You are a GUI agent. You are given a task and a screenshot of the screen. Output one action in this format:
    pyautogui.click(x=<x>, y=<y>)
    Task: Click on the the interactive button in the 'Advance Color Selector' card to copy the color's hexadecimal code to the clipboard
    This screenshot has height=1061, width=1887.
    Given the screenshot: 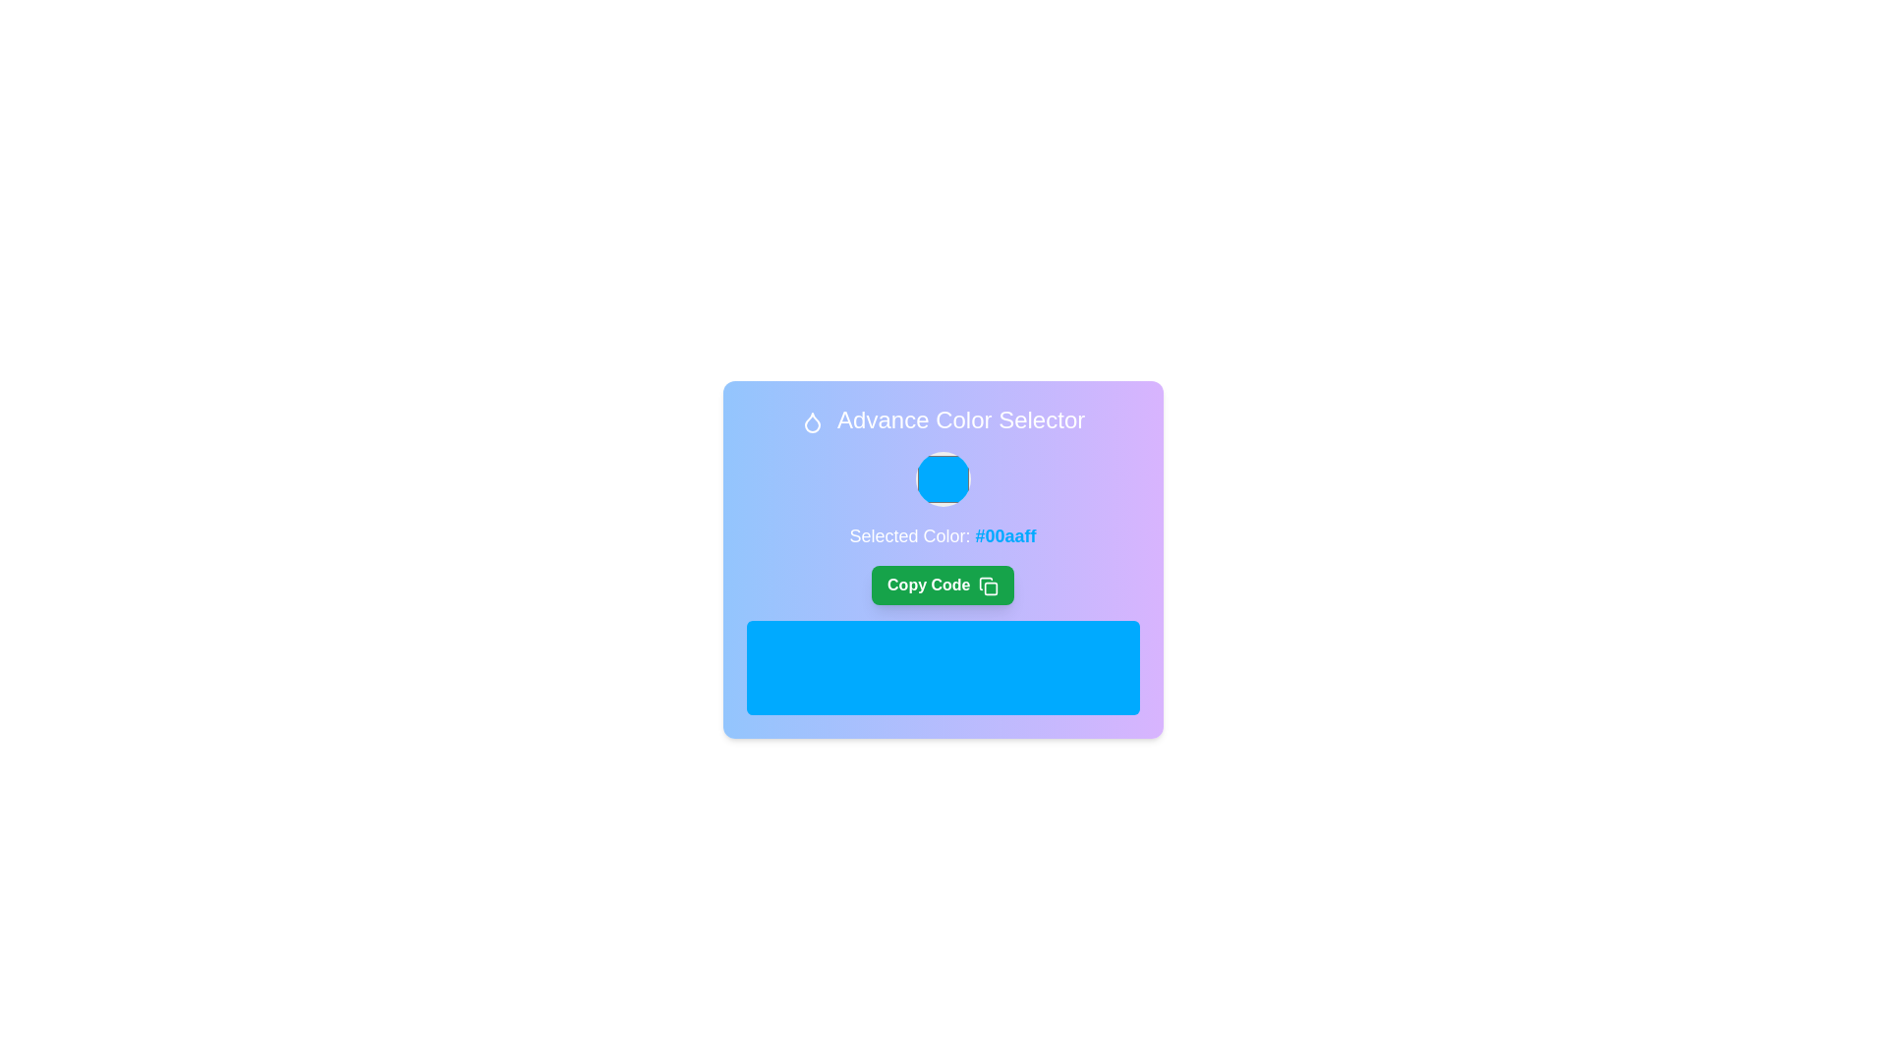 What is the action you would take?
    pyautogui.click(x=942, y=583)
    